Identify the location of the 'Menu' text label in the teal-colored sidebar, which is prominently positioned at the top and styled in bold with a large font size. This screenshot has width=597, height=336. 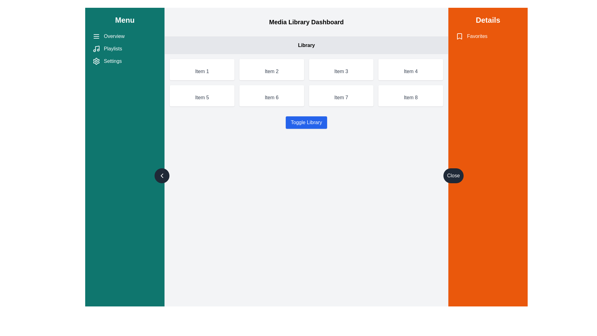
(124, 20).